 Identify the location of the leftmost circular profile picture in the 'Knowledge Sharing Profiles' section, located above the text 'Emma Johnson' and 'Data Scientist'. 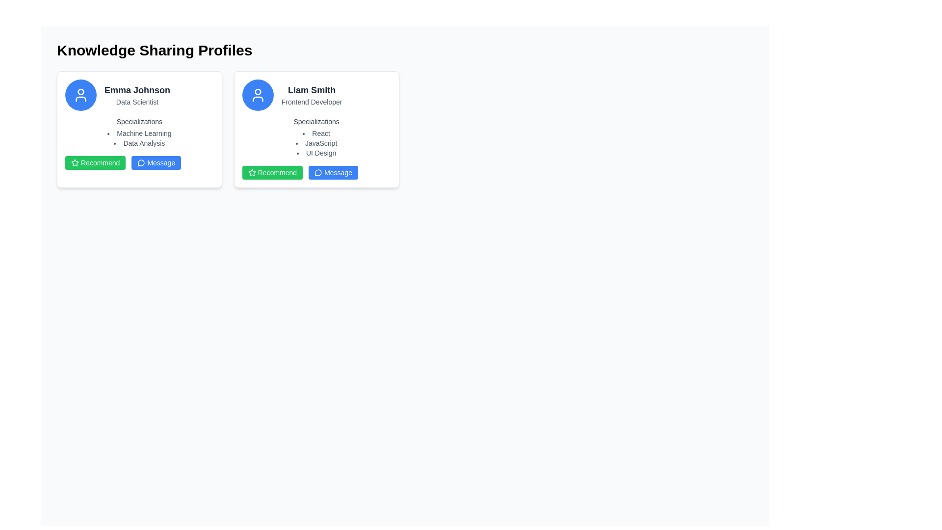
(80, 95).